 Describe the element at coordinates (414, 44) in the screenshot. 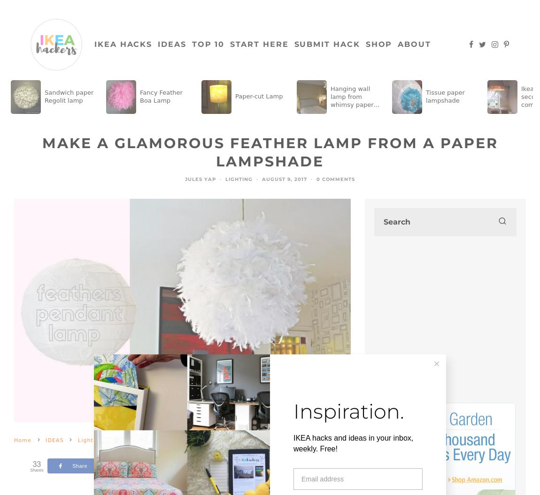

I see `'About'` at that location.